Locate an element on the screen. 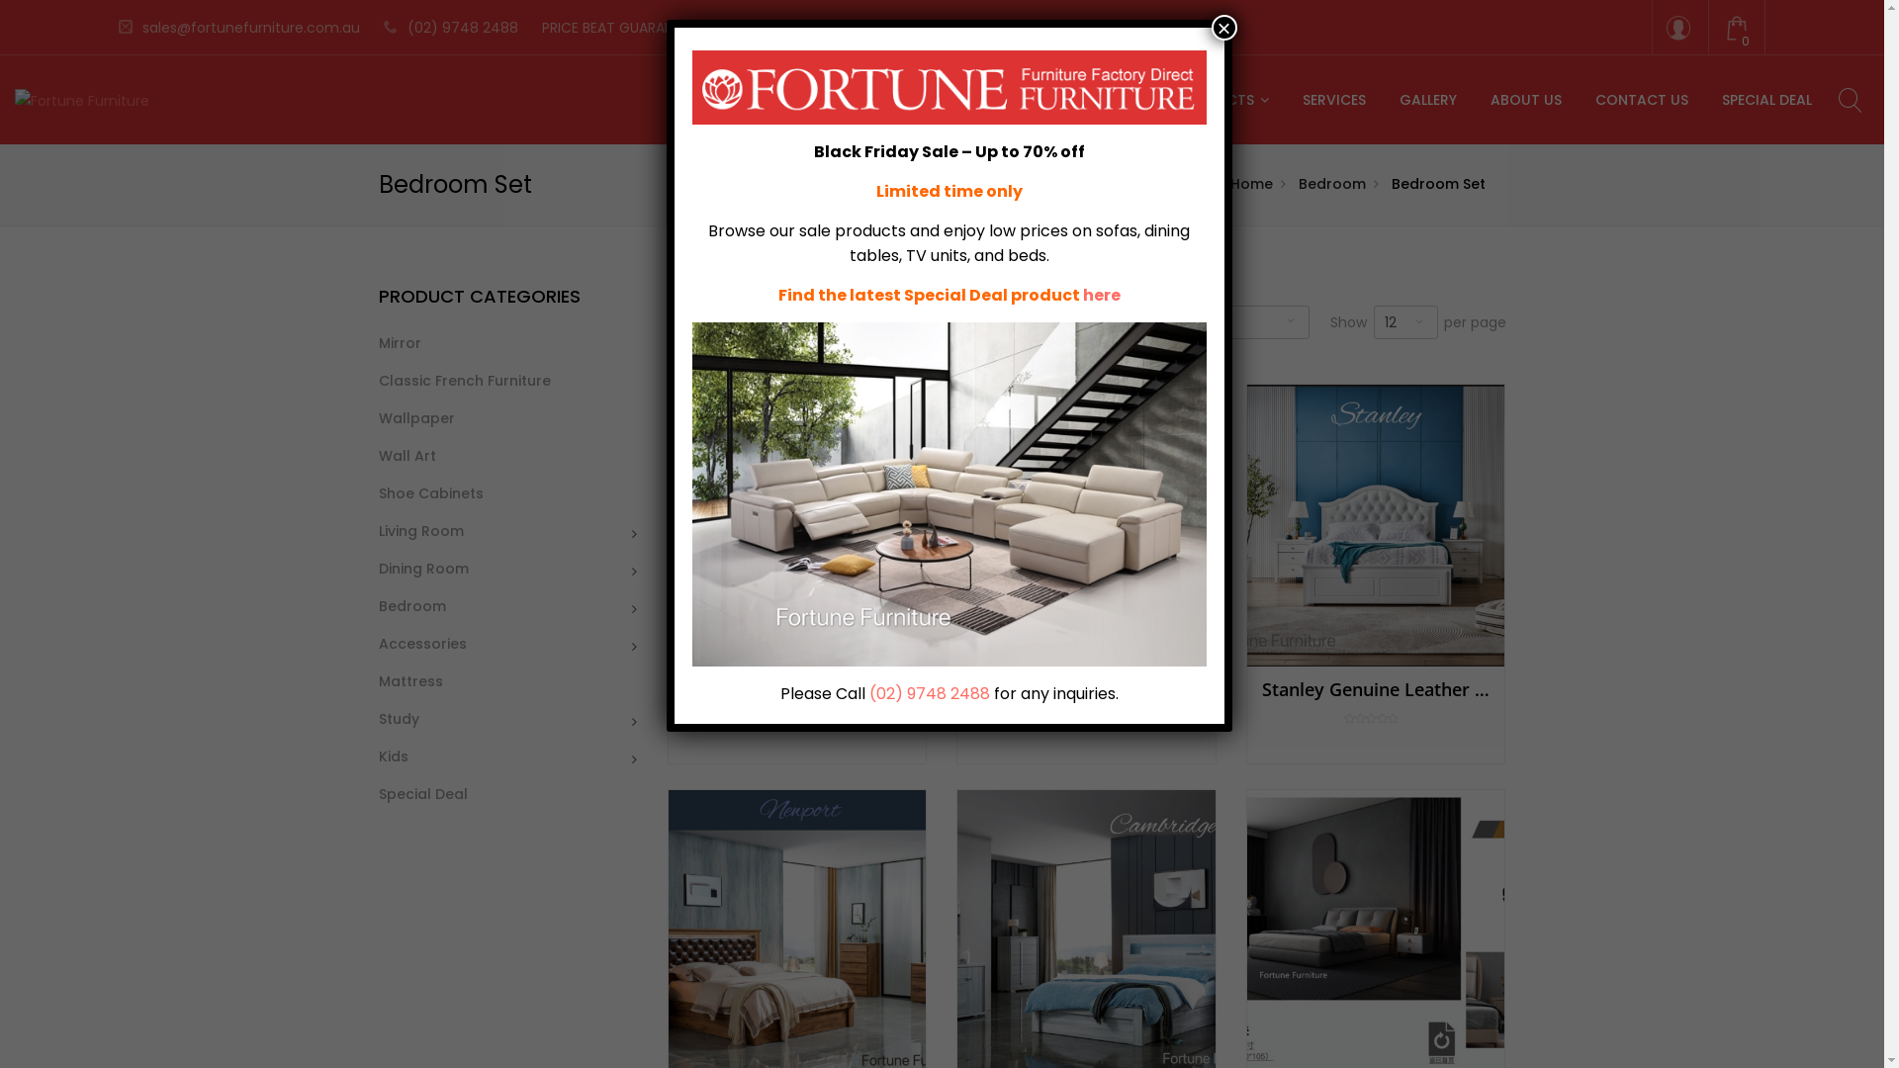  'Shoe Cabinets' is located at coordinates (378, 490).